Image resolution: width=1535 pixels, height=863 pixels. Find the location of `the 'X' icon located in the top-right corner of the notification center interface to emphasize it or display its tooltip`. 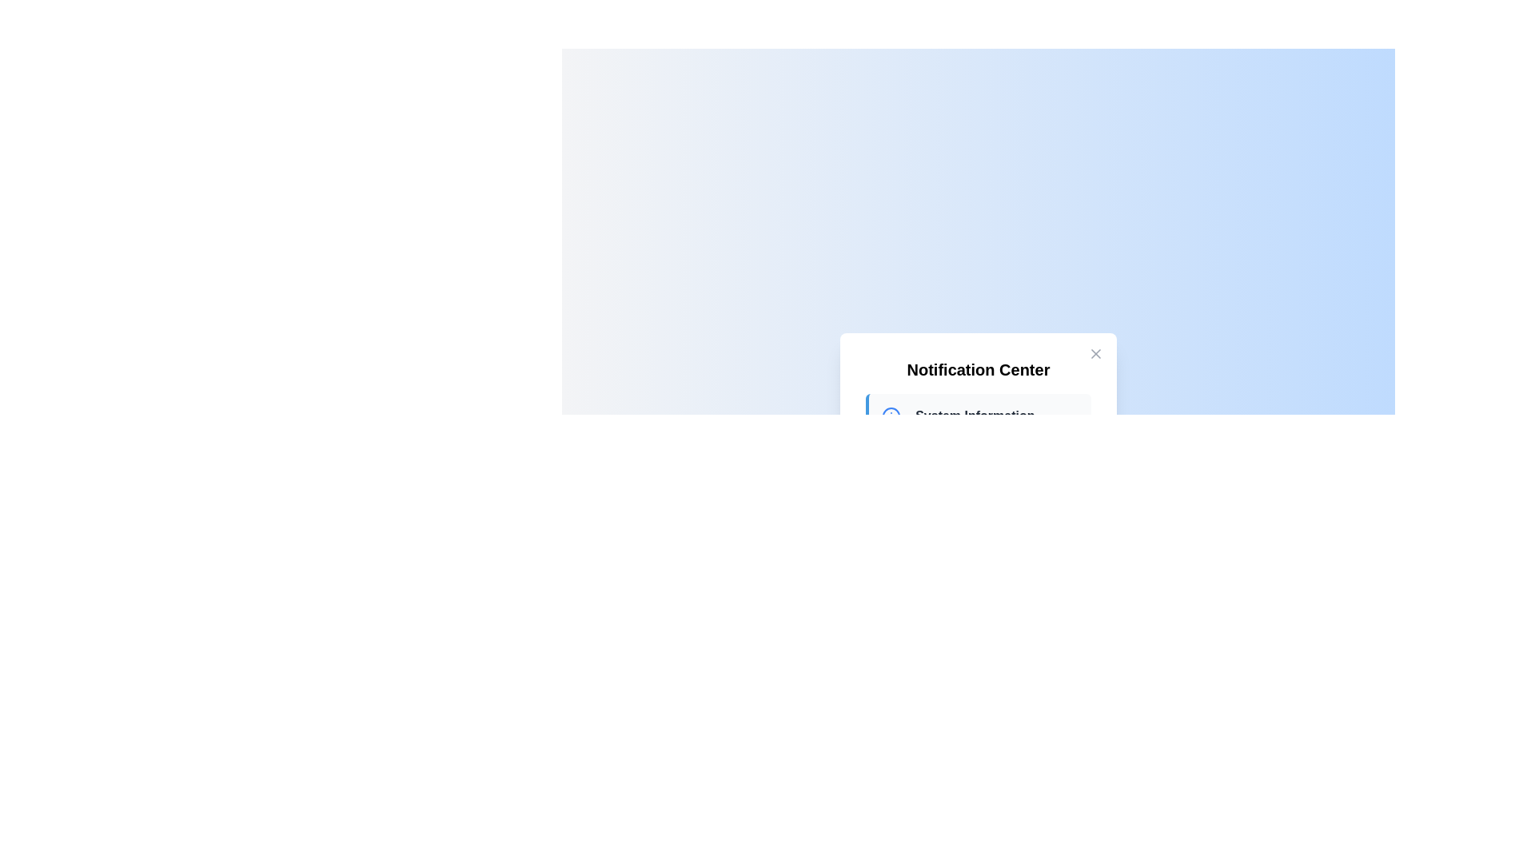

the 'X' icon located in the top-right corner of the notification center interface to emphasize it or display its tooltip is located at coordinates (1095, 353).